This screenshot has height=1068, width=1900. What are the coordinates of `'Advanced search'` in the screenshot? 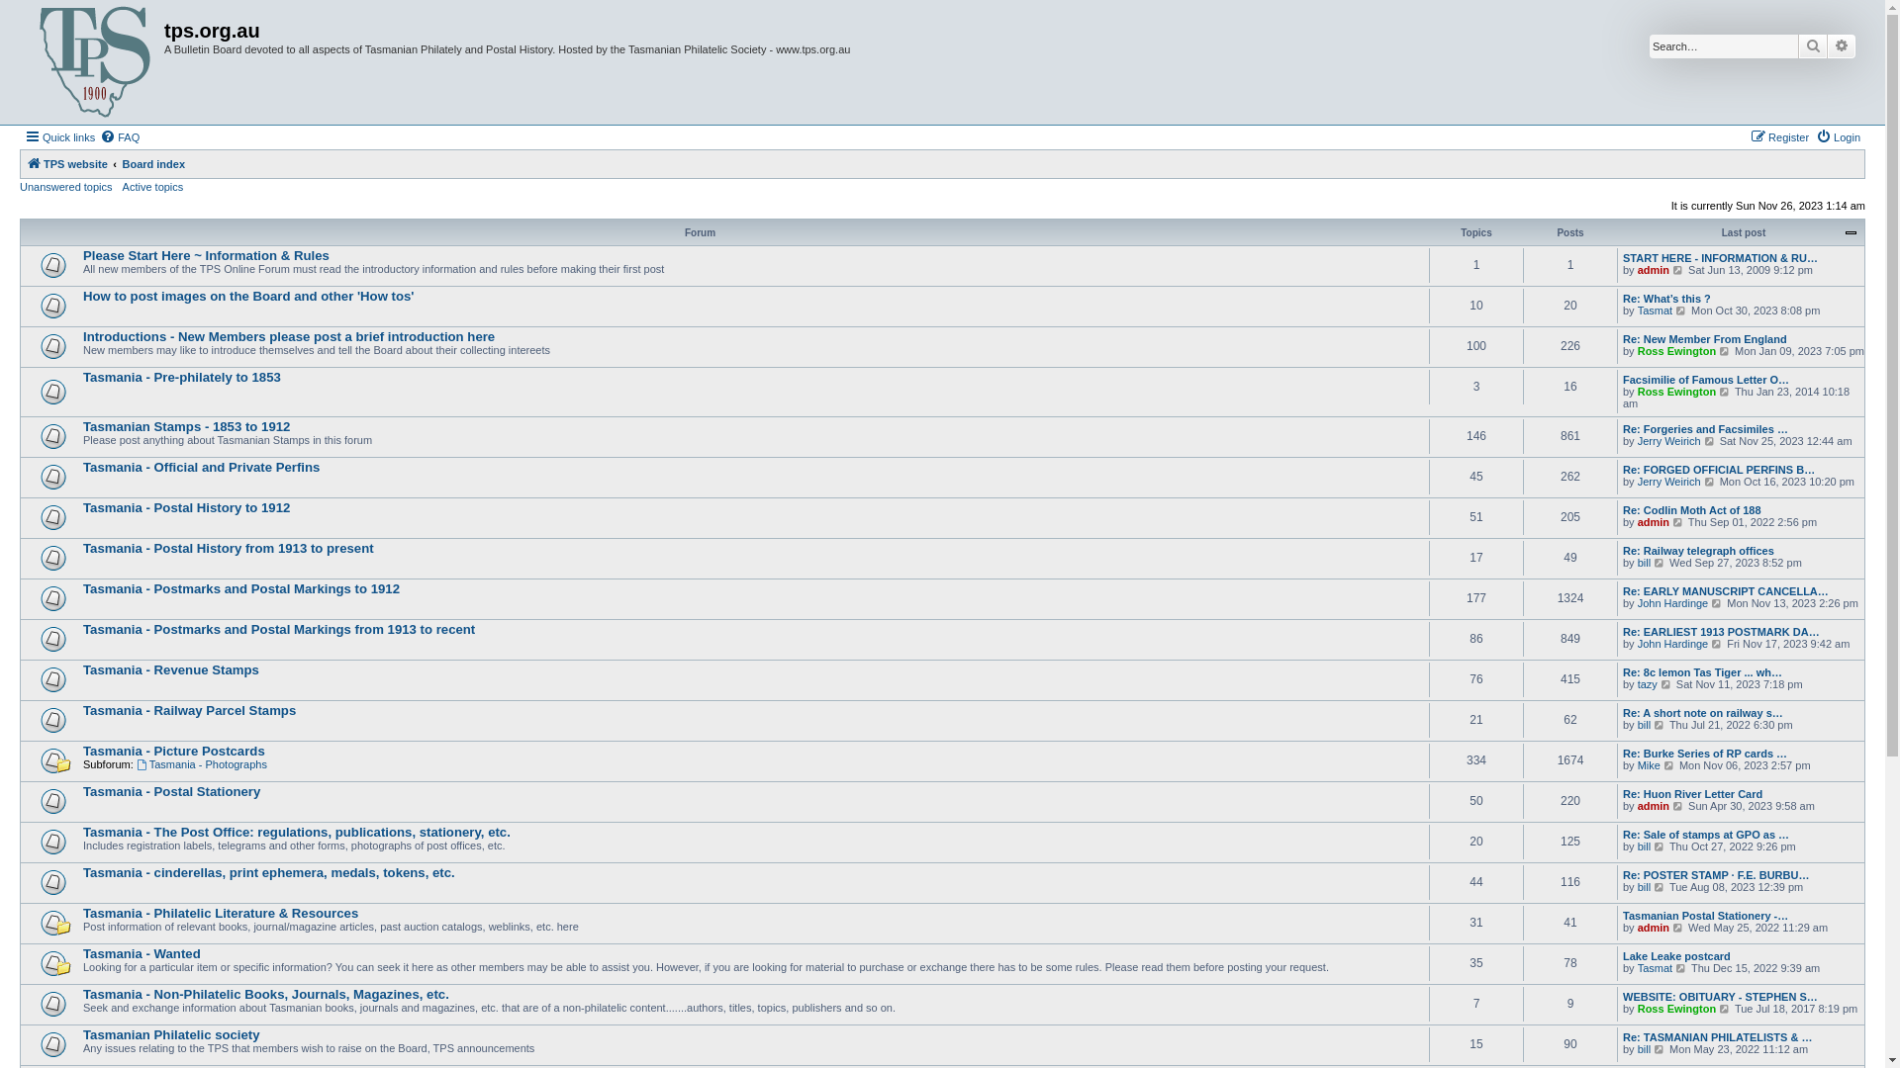 It's located at (1841, 44).